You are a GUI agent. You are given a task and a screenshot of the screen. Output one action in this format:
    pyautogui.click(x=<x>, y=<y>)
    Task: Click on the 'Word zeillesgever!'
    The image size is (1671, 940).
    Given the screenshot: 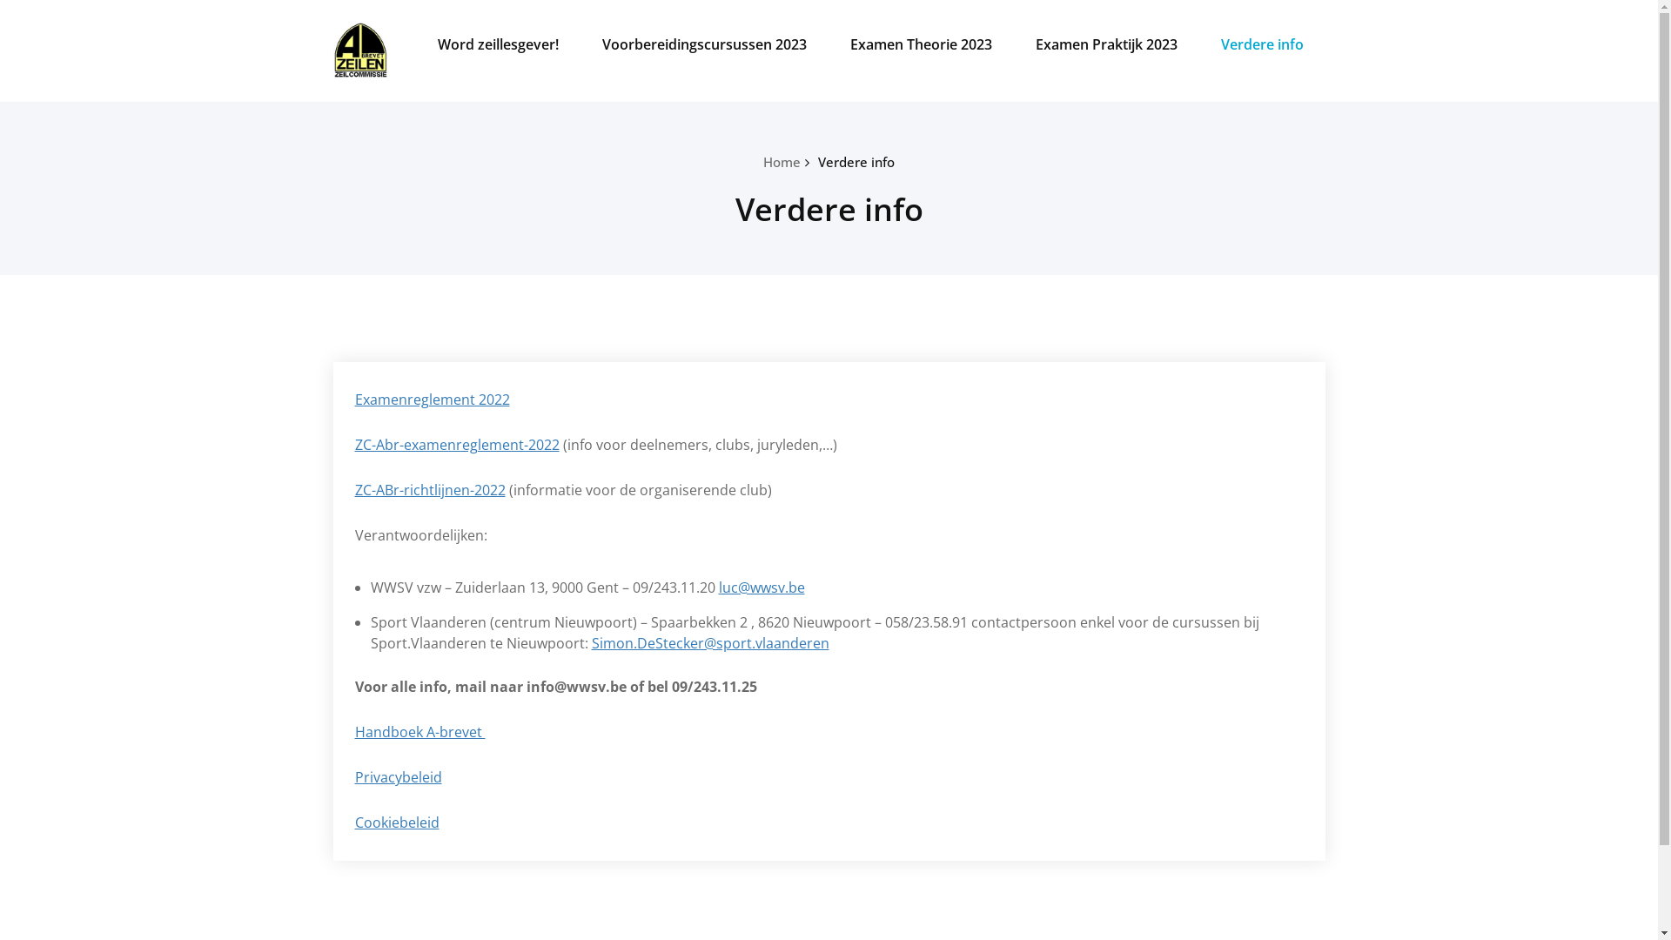 What is the action you would take?
    pyautogui.click(x=497, y=43)
    